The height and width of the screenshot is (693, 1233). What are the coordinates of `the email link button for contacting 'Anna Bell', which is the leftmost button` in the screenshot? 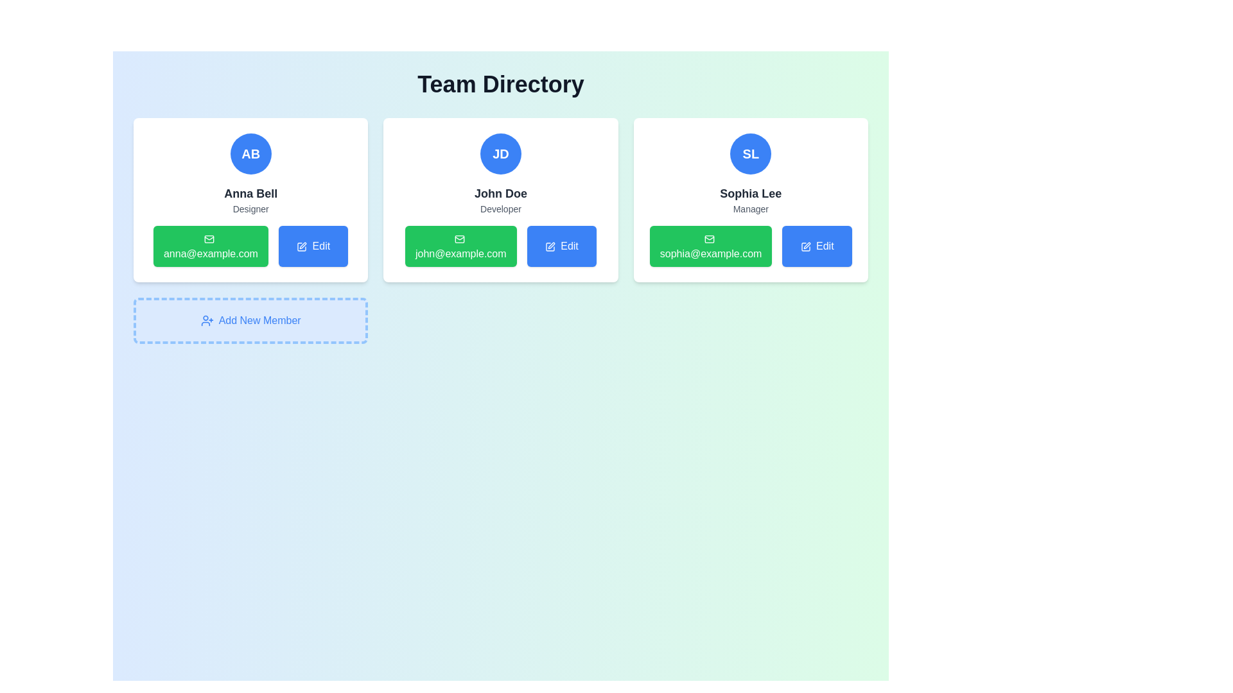 It's located at (210, 246).